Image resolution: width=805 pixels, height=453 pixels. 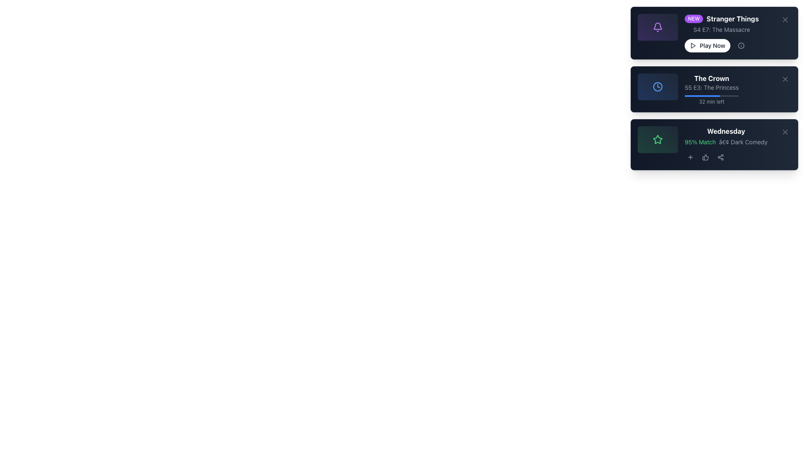 What do you see at coordinates (784, 79) in the screenshot?
I see `the close button located in the top-right corner of 'The Crown' card` at bounding box center [784, 79].